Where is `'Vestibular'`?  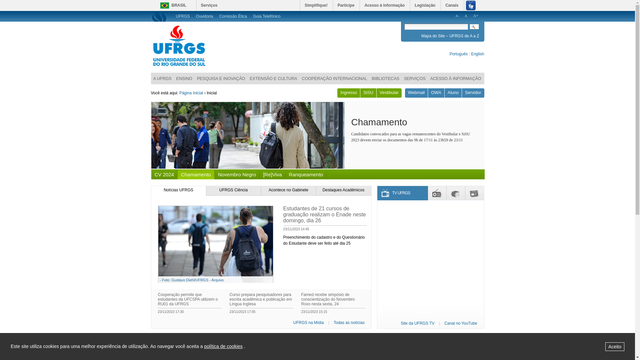 'Vestibular' is located at coordinates (389, 93).